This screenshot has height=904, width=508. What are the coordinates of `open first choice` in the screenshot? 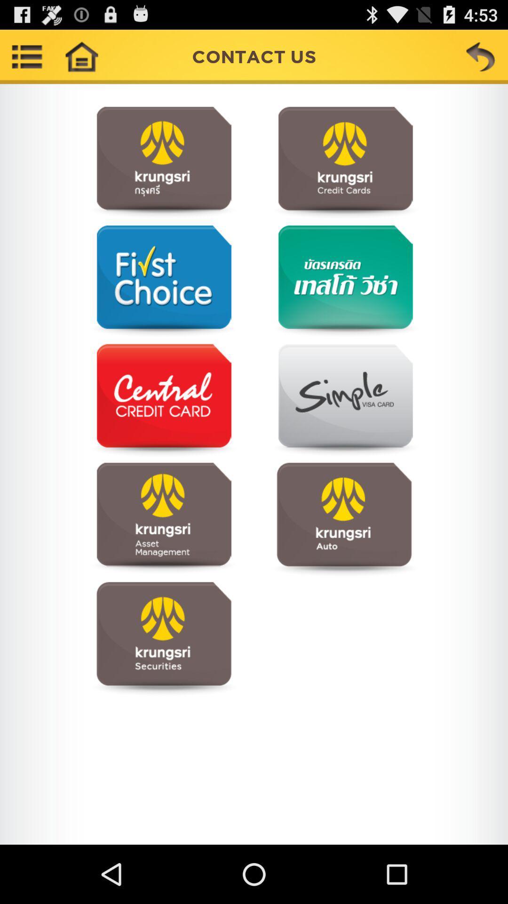 It's located at (163, 281).